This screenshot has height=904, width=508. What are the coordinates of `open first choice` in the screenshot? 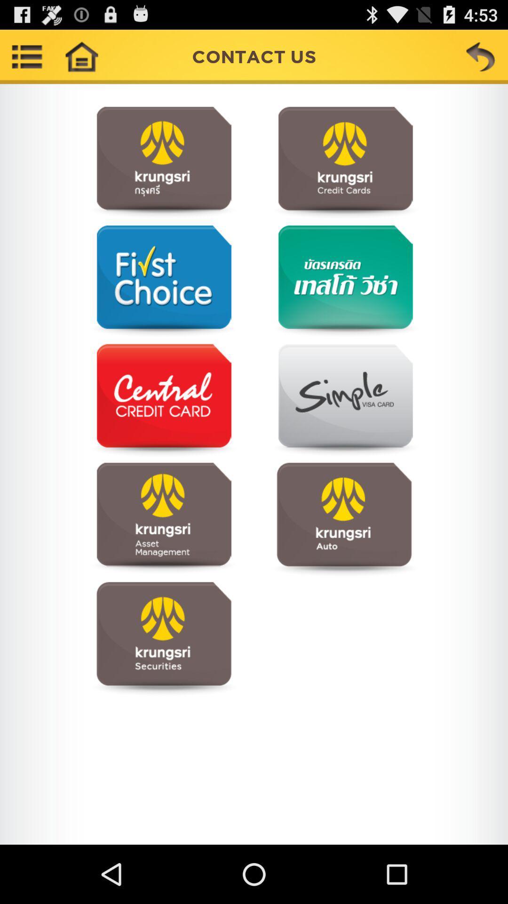 It's located at (163, 281).